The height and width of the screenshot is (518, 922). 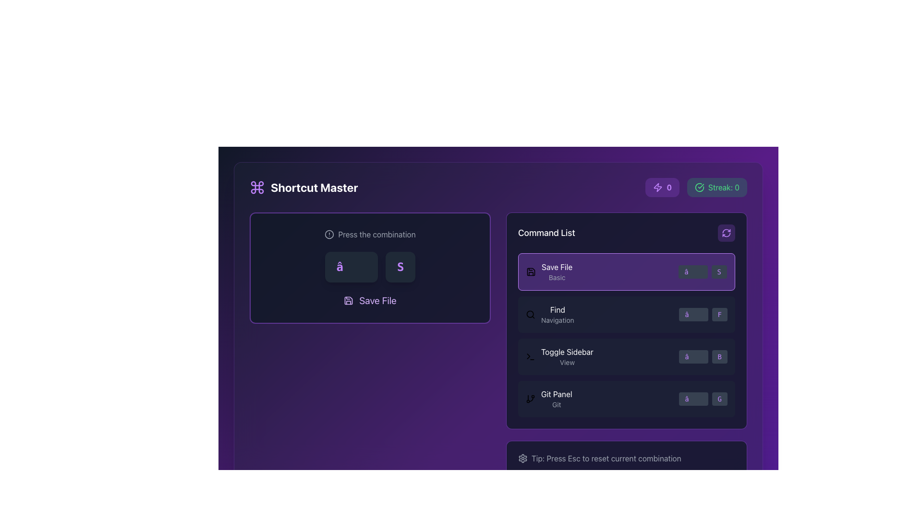 I want to click on the displayed number in the 'Lightning Points' Information Display Box located in the top-right corner of the interface, which is the first block from the left, so click(x=662, y=187).